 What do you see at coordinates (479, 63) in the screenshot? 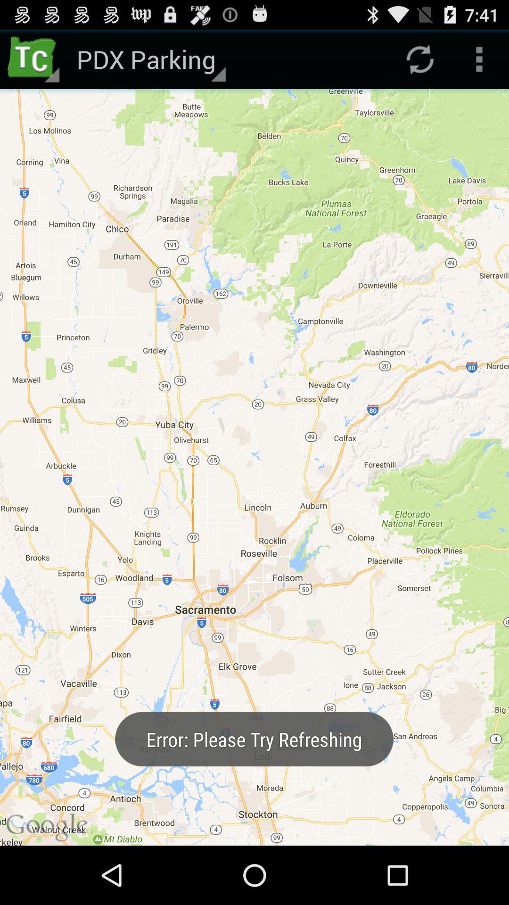
I see `the more icon` at bounding box center [479, 63].